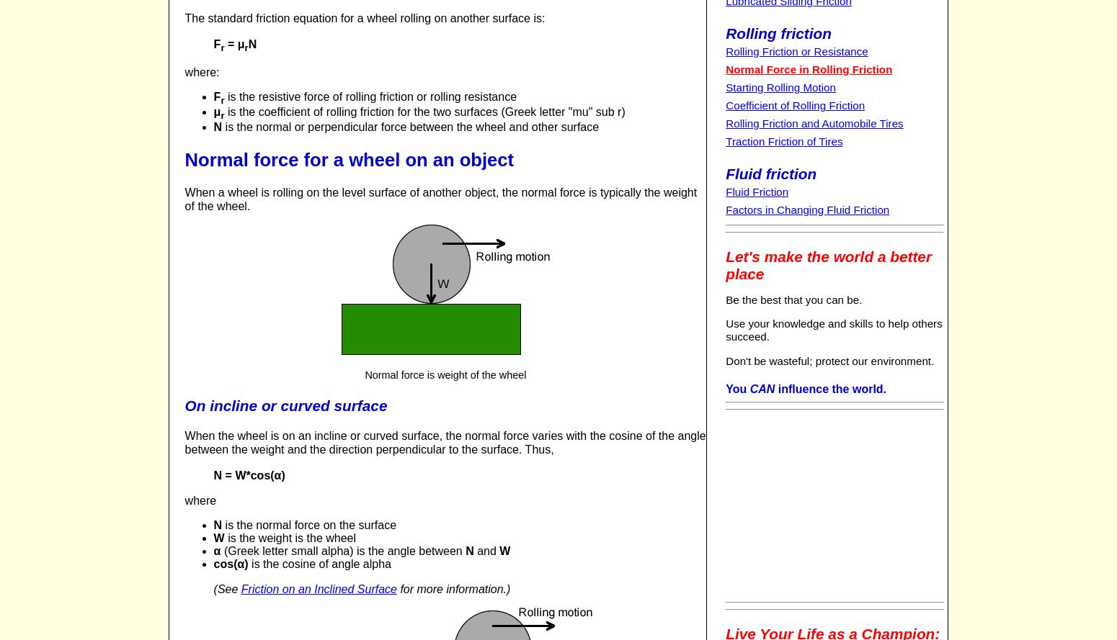 The height and width of the screenshot is (640, 1117). Describe the element at coordinates (309, 524) in the screenshot. I see `'is the normal force on the surface'` at that location.